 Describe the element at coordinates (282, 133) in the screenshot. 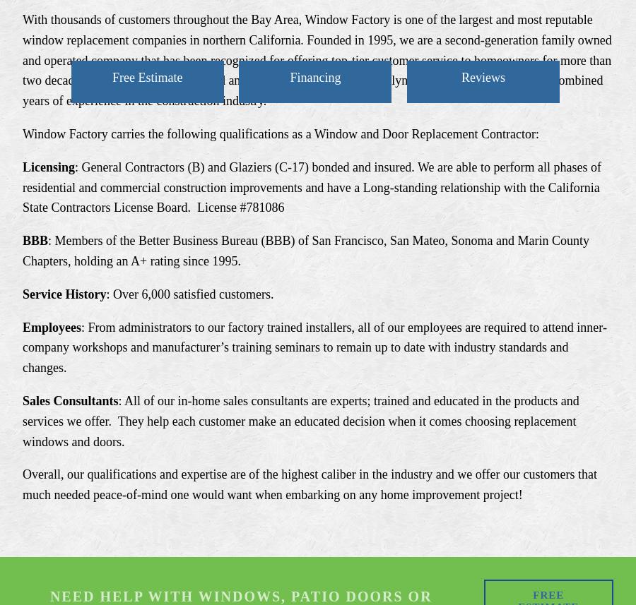

I see `'Window Factory carries the following qualifications as a Window and Door Replacement Contractor:'` at that location.